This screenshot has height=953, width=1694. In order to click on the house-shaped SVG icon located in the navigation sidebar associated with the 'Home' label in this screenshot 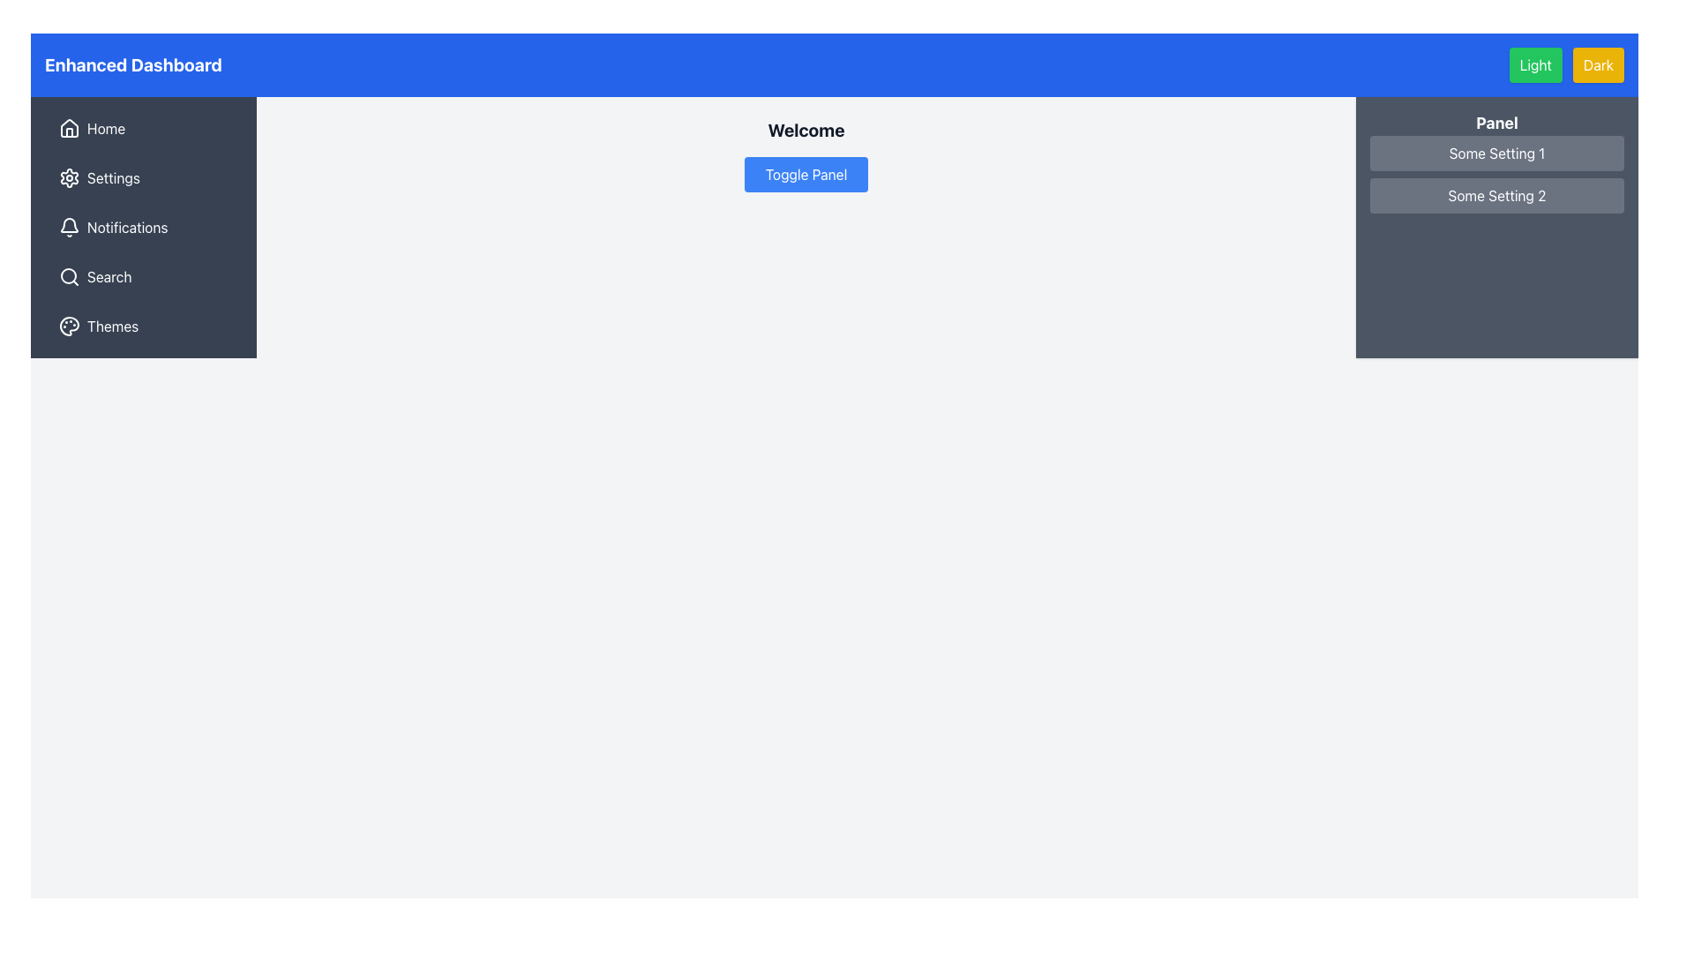, I will do `click(69, 127)`.